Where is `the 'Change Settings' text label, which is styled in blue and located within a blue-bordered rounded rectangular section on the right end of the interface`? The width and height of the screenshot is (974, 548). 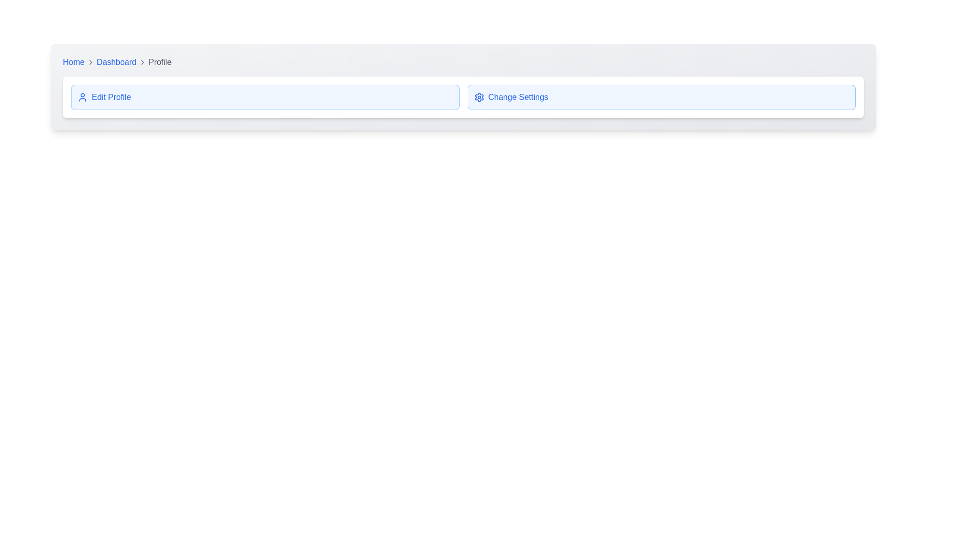
the 'Change Settings' text label, which is styled in blue and located within a blue-bordered rounded rectangular section on the right end of the interface is located at coordinates (518, 97).